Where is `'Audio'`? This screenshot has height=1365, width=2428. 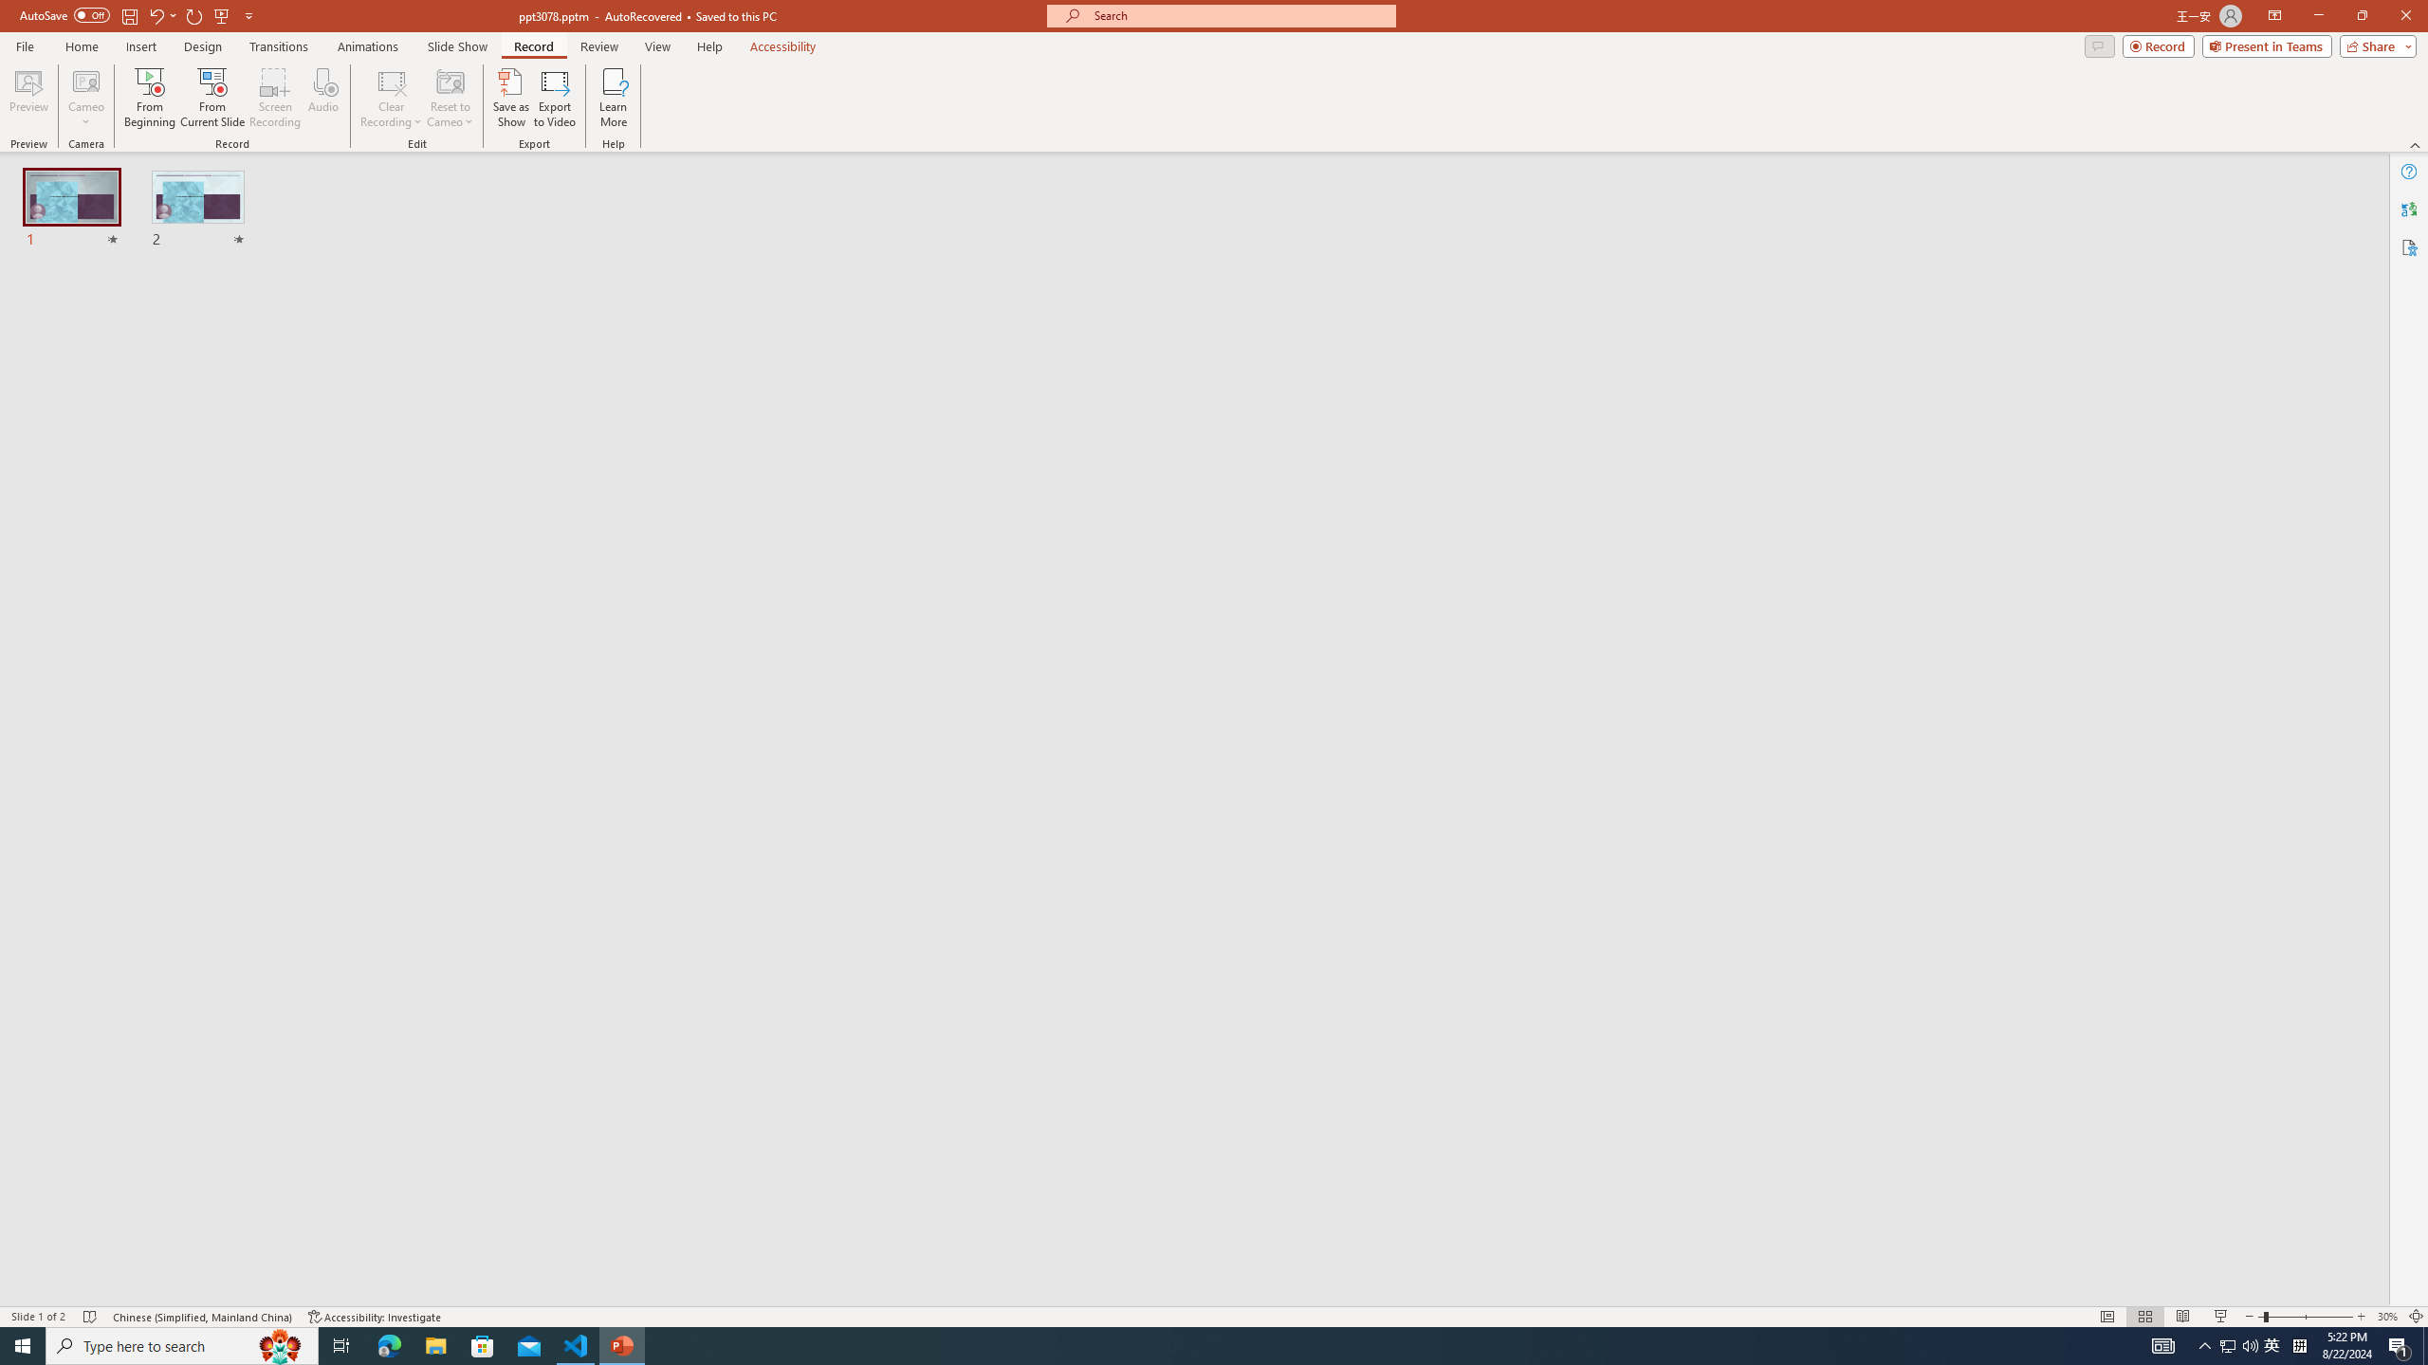 'Audio' is located at coordinates (322, 98).